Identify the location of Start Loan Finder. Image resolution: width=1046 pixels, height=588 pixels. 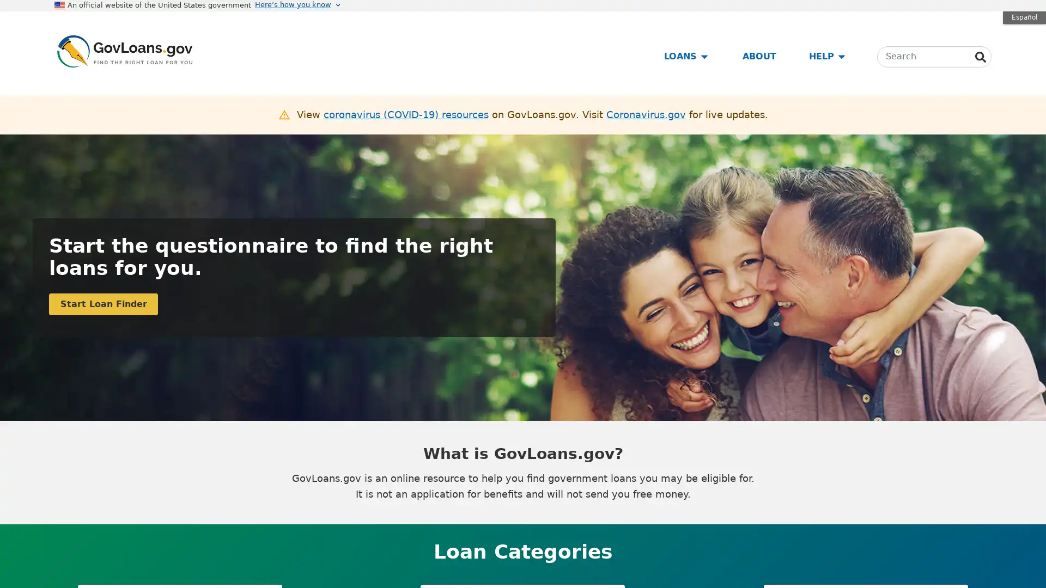
(104, 304).